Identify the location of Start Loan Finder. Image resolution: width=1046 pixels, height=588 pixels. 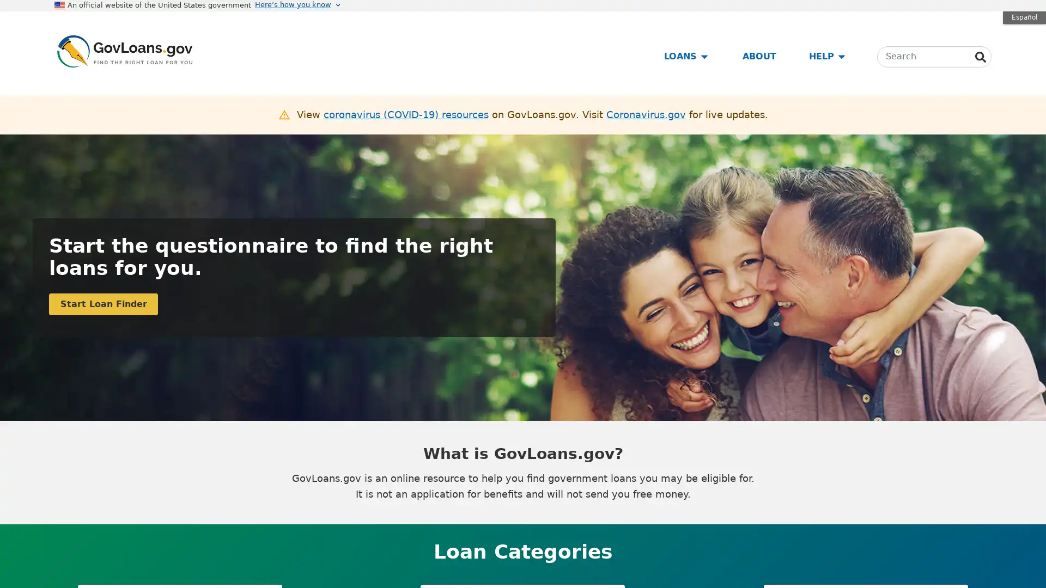
(104, 304).